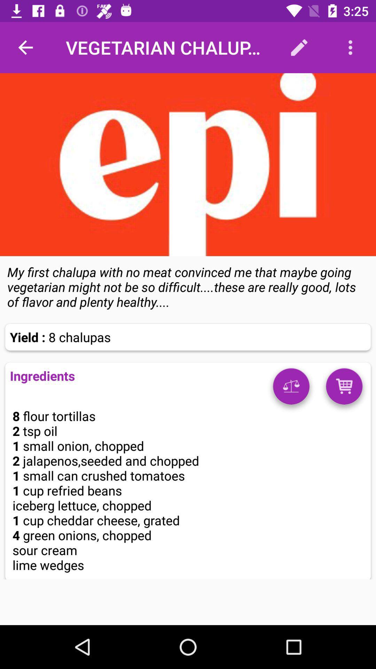  I want to click on the icon below the my first chalupa item, so click(291, 389).